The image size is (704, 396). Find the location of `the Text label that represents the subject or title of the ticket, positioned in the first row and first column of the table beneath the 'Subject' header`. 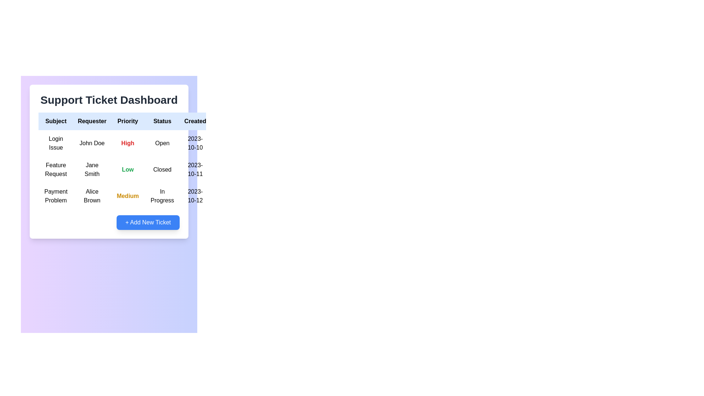

the Text label that represents the subject or title of the ticket, positioned in the first row and first column of the table beneath the 'Subject' header is located at coordinates (55, 143).